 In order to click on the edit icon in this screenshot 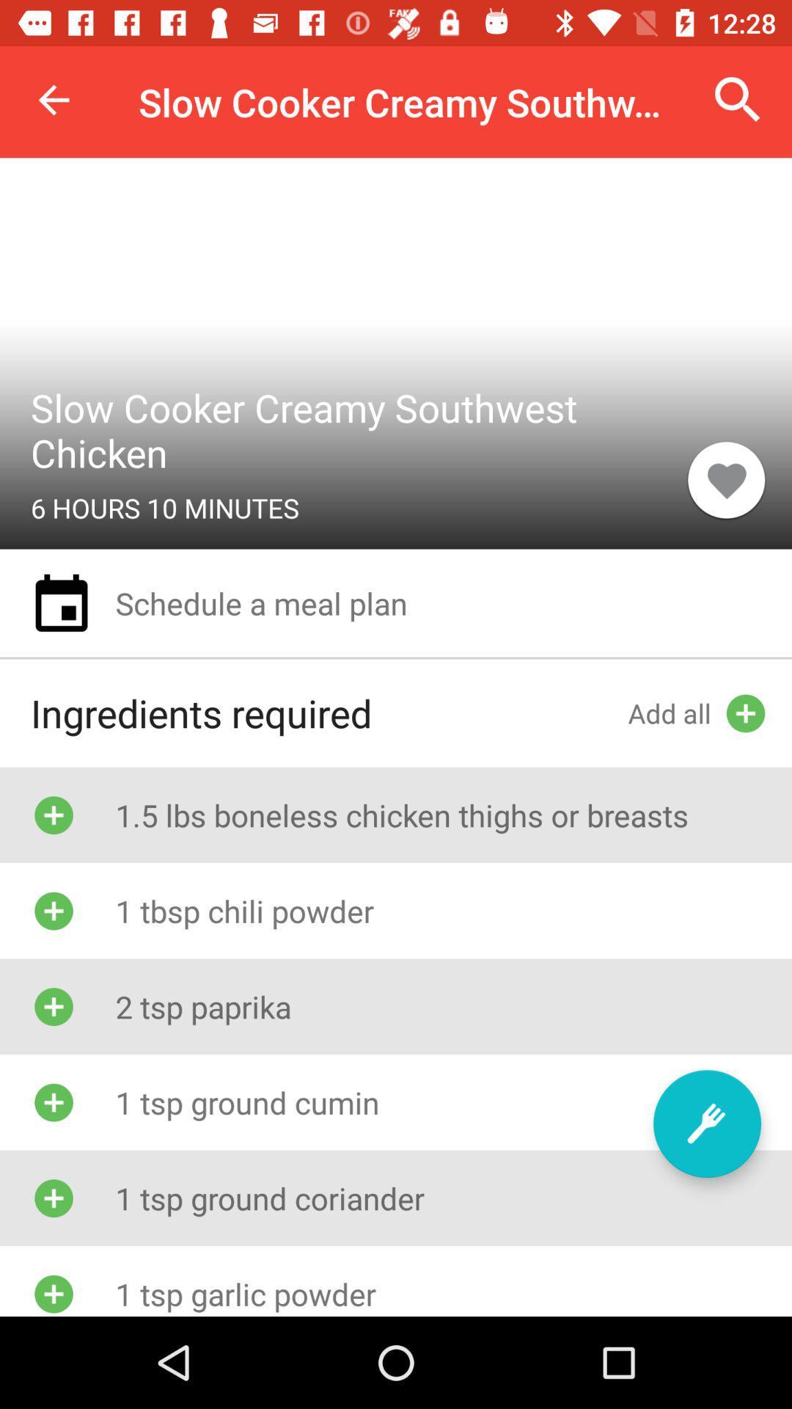, I will do `click(706, 1123)`.